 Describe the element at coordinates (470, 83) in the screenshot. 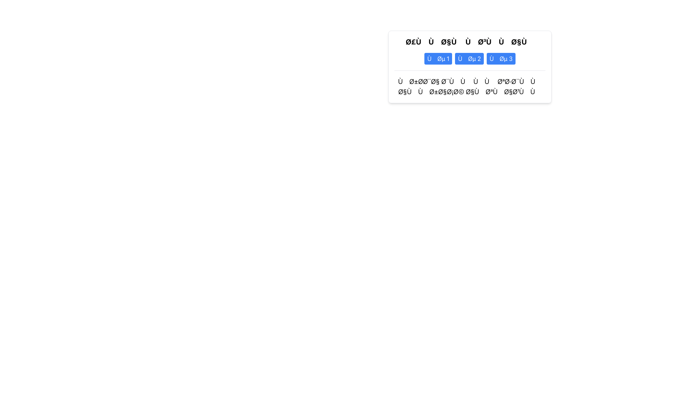

I see `the concluding Arabic text element styled with a border line, positioned below a series of buttons and text elements` at that location.